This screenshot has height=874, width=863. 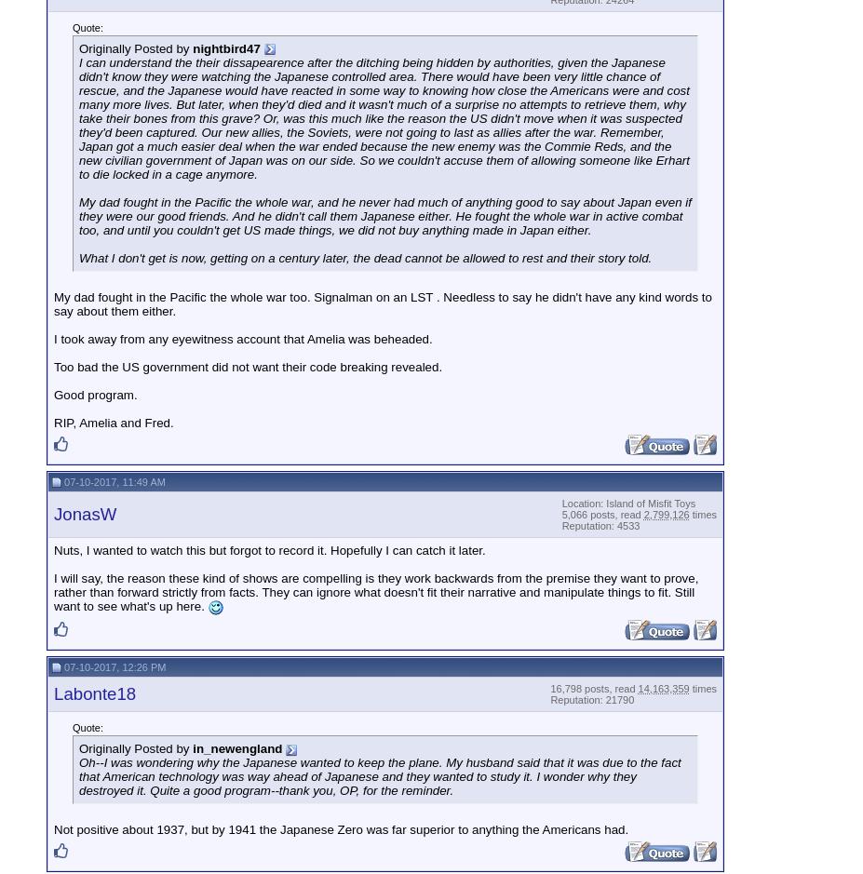 I want to click on 'Labonte18', so click(x=93, y=693).